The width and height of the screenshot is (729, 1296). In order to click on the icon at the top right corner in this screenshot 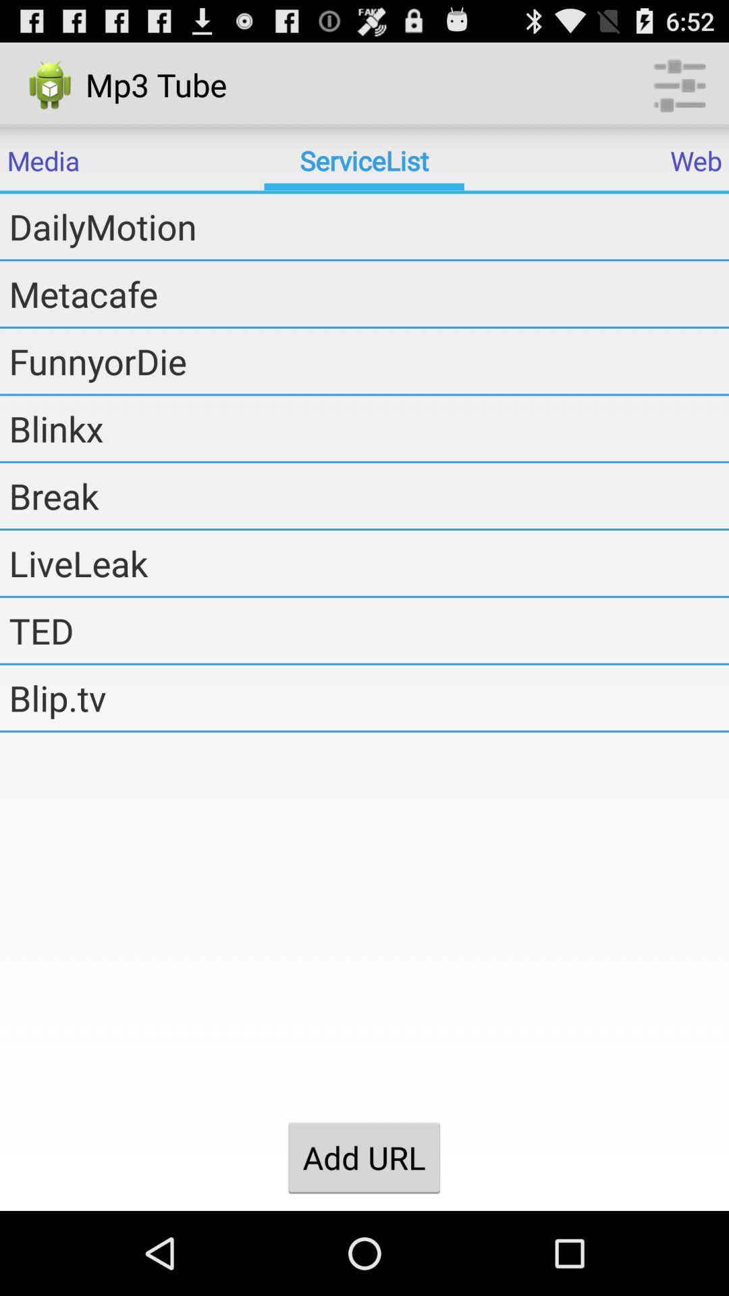, I will do `click(679, 84)`.